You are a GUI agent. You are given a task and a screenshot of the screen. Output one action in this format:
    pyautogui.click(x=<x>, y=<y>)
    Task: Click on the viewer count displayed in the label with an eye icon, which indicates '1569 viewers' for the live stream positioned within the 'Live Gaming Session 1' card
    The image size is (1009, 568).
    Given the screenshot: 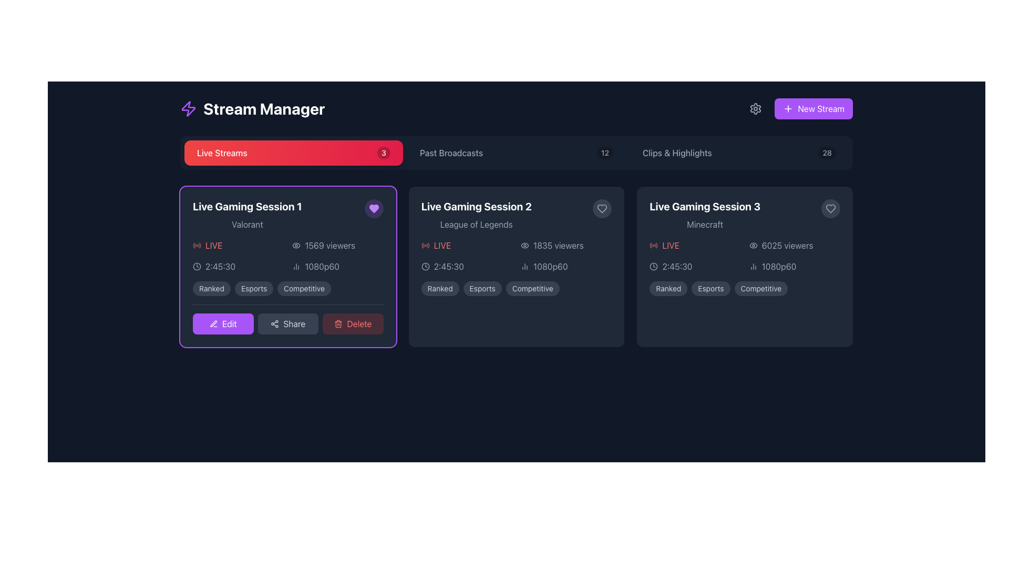 What is the action you would take?
    pyautogui.click(x=338, y=245)
    